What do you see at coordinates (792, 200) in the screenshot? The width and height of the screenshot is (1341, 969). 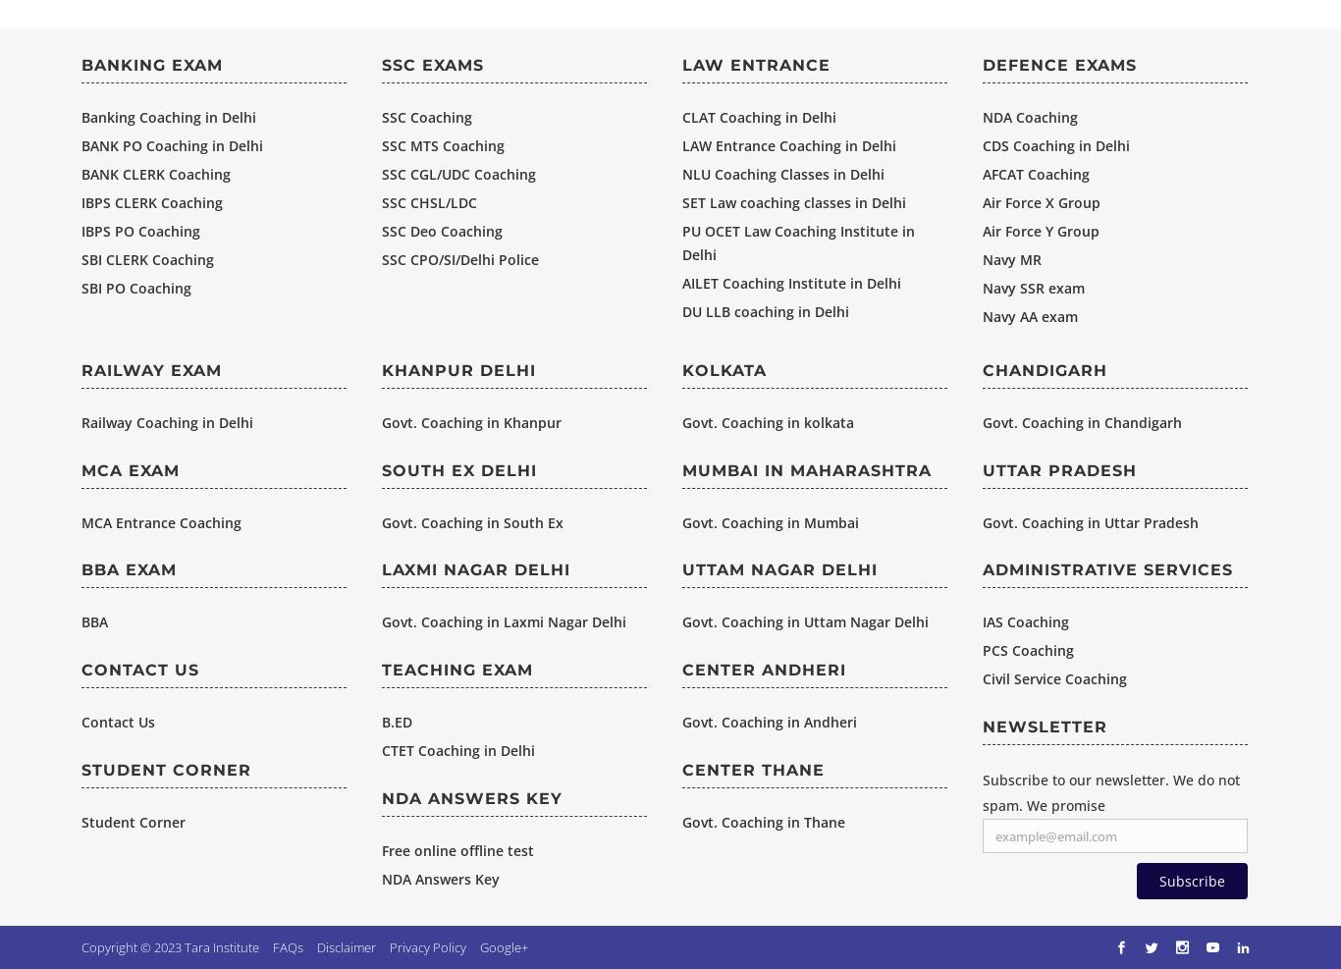 I see `'SET Law coaching classes in Delhi'` at bounding box center [792, 200].